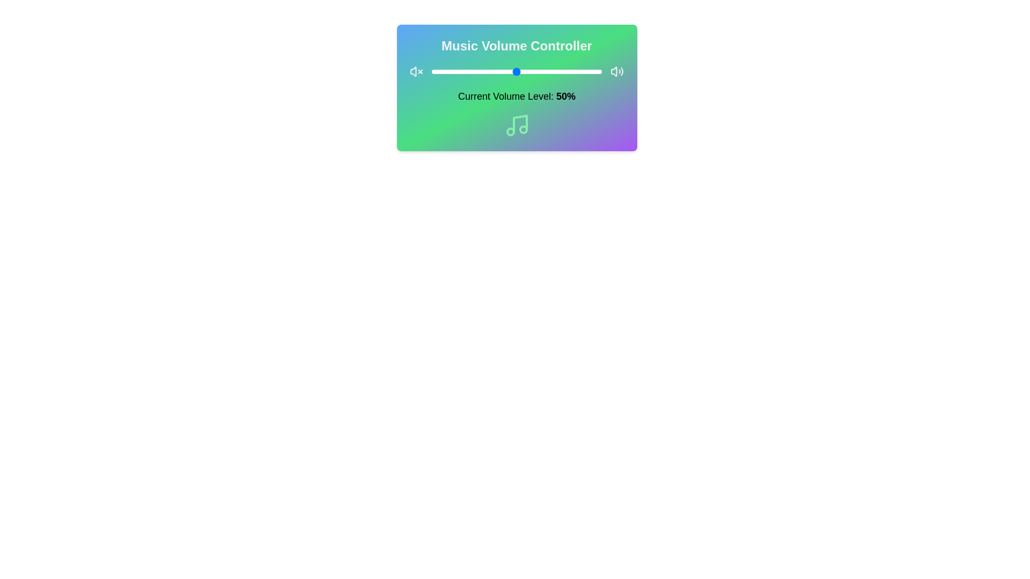 This screenshot has width=1030, height=579. I want to click on the unmute icon to unmute the audio, so click(617, 72).